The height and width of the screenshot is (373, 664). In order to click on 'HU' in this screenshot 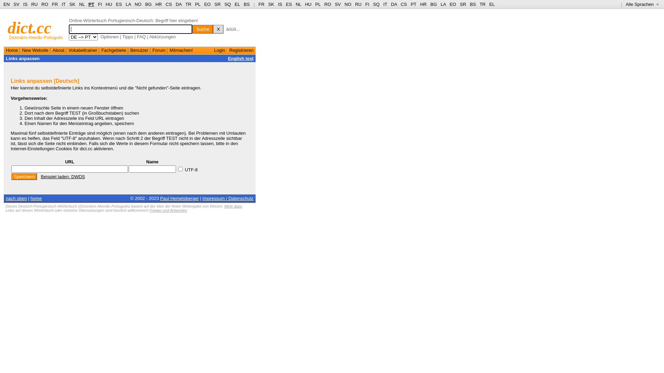, I will do `click(308, 4)`.